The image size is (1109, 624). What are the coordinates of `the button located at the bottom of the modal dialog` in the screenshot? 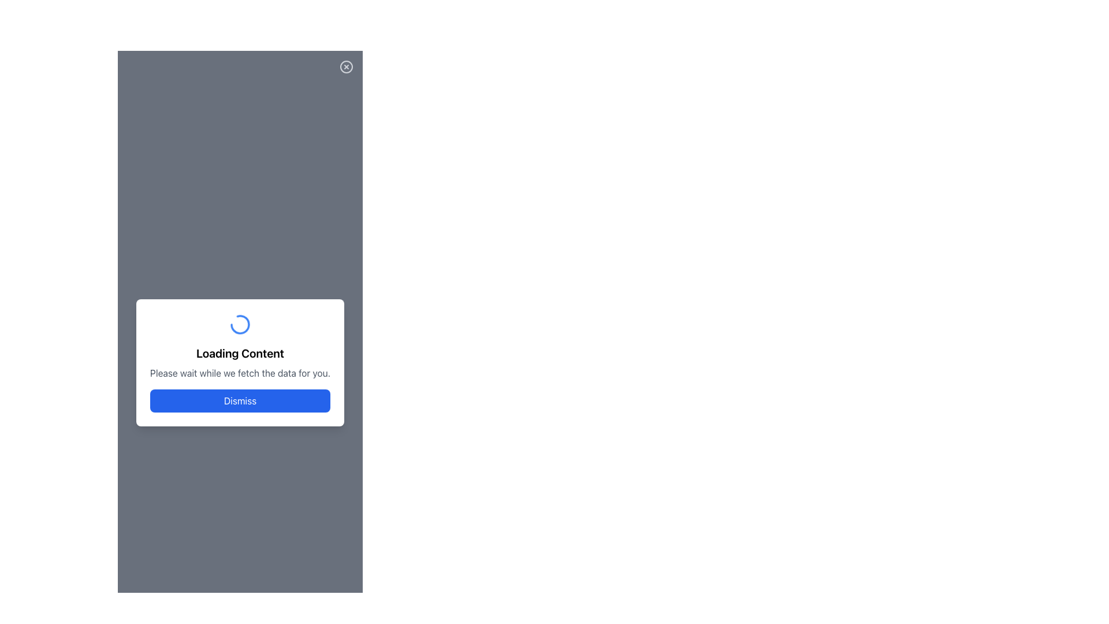 It's located at (240, 400).